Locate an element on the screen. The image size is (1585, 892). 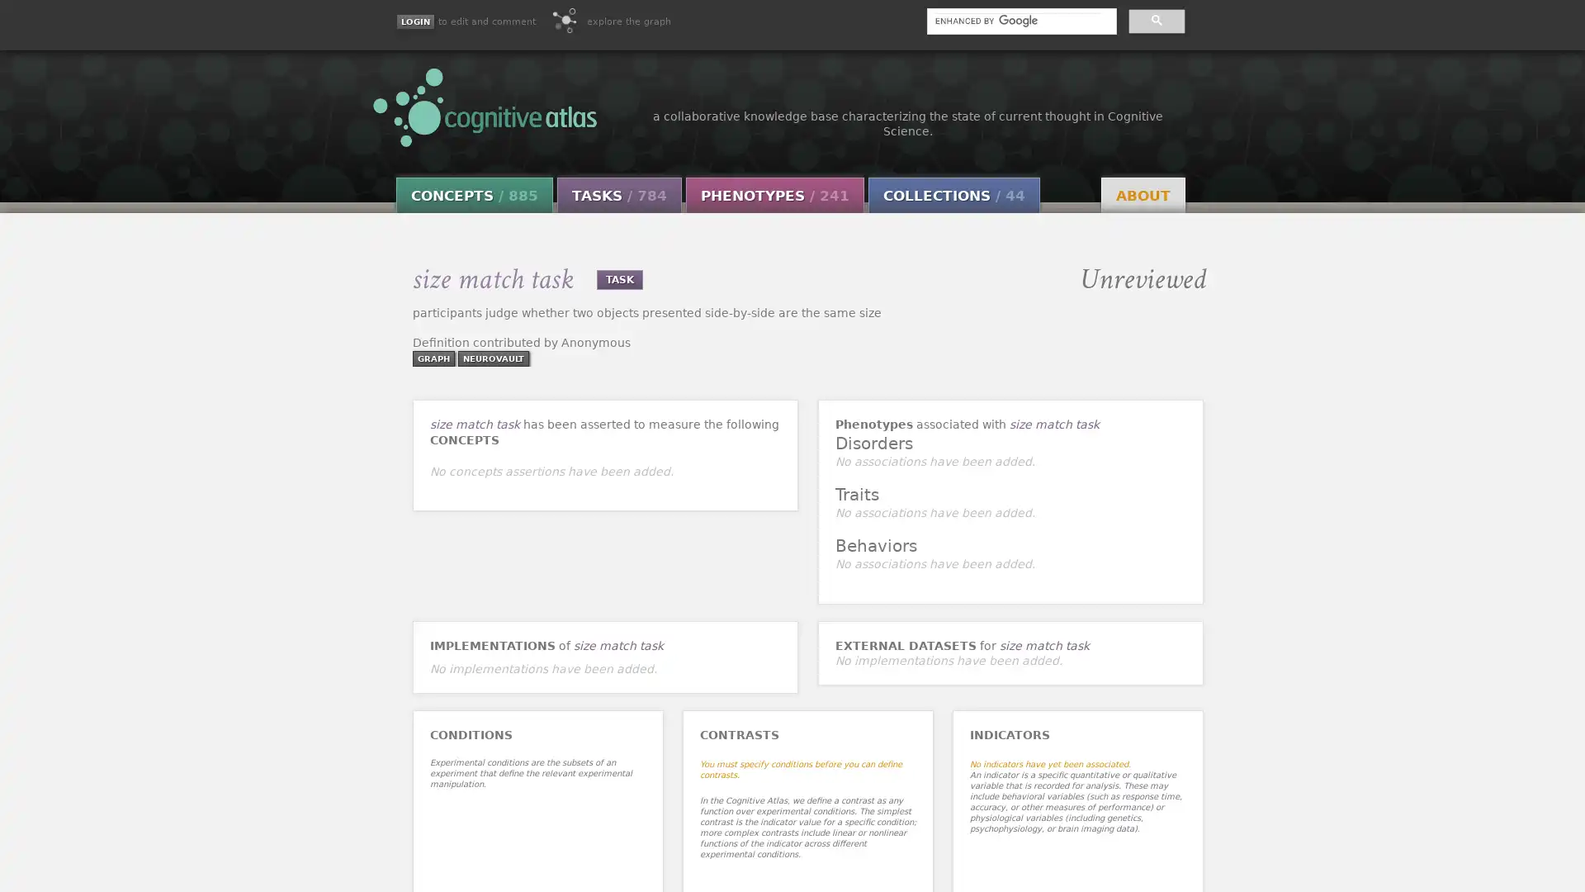
Login is located at coordinates (414, 21).